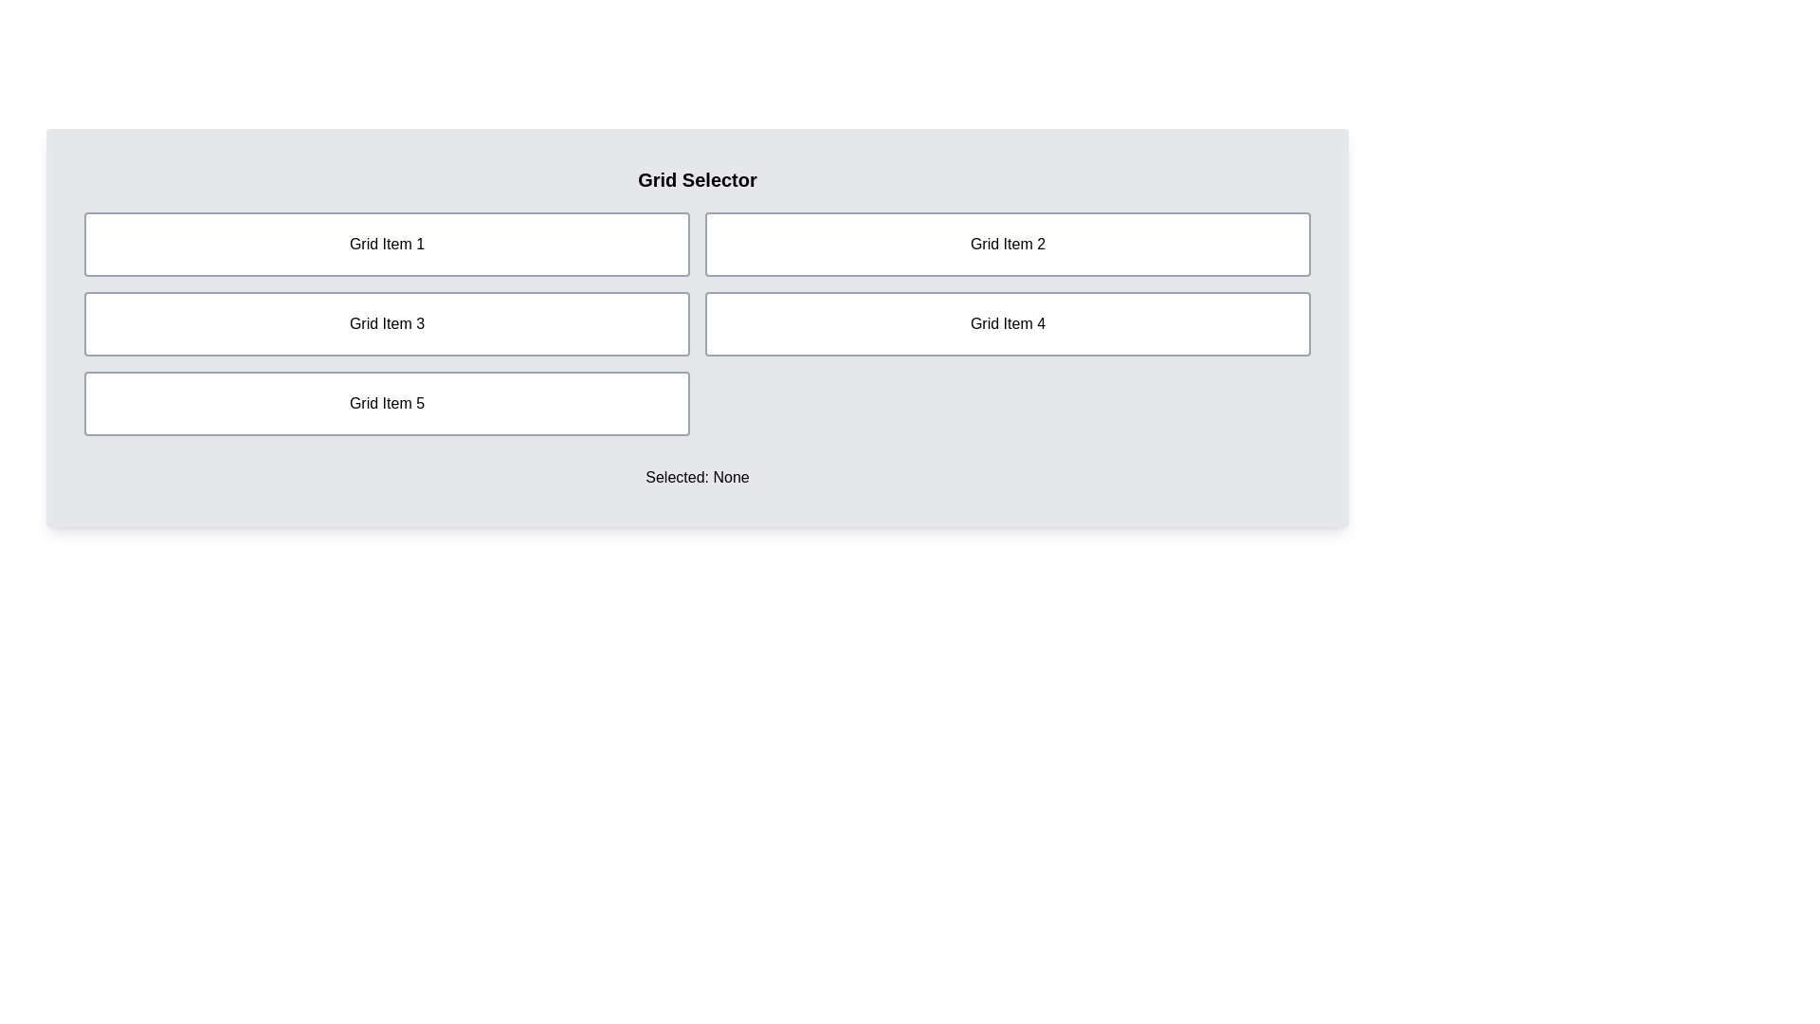 The image size is (1820, 1024). What do you see at coordinates (386, 402) in the screenshot?
I see `the text label representing 'Grid Item 5'` at bounding box center [386, 402].